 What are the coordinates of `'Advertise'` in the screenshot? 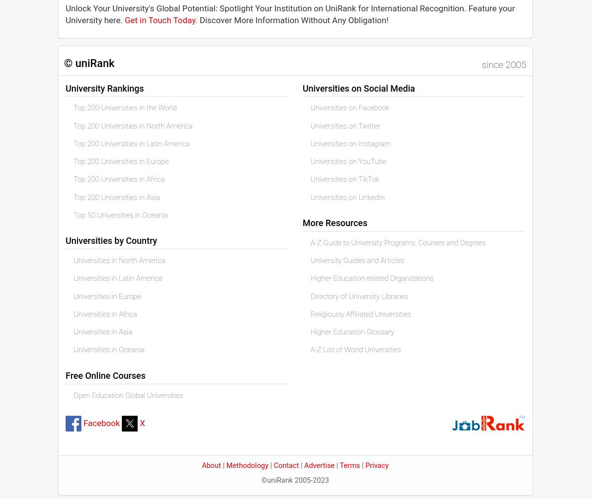 It's located at (319, 466).